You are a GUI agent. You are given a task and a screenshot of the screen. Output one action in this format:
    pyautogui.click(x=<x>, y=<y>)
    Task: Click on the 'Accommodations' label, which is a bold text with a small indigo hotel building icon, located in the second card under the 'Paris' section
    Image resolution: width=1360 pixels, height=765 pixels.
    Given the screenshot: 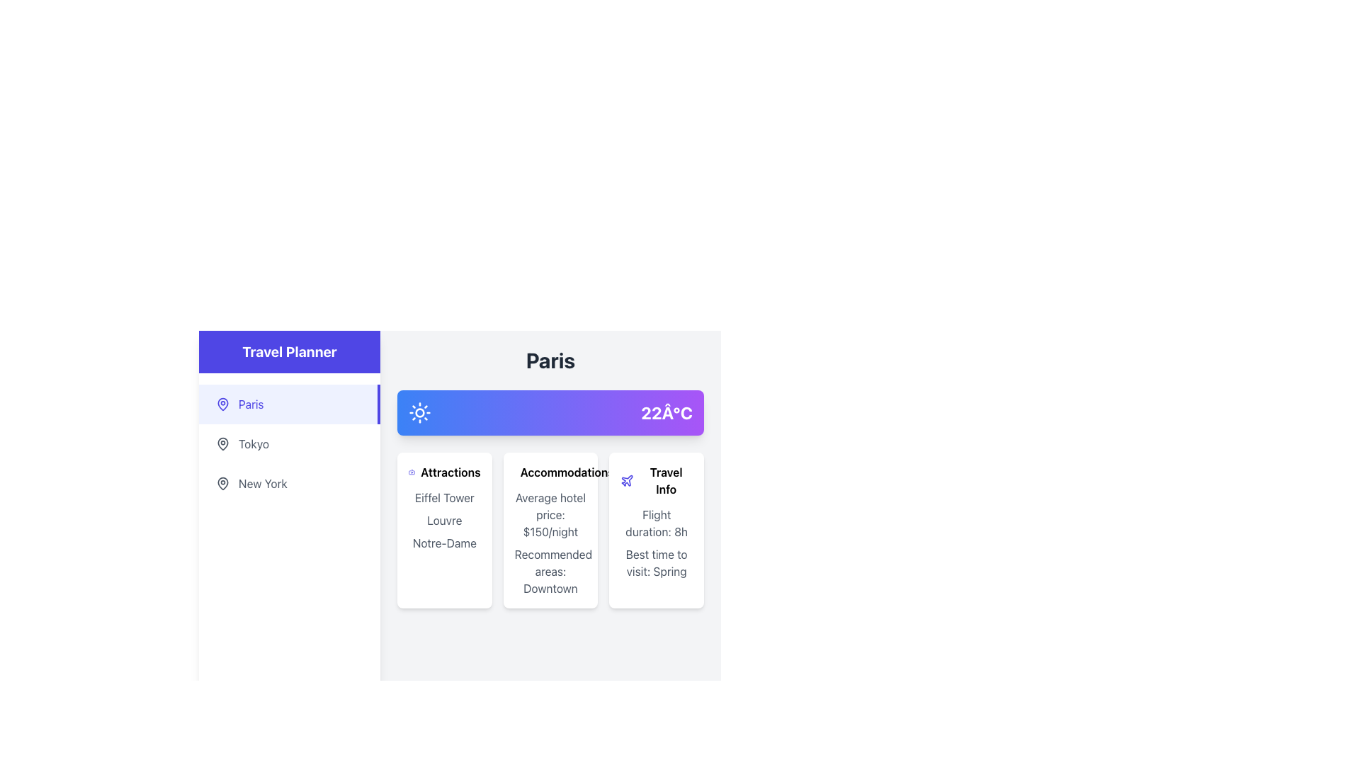 What is the action you would take?
    pyautogui.click(x=550, y=472)
    